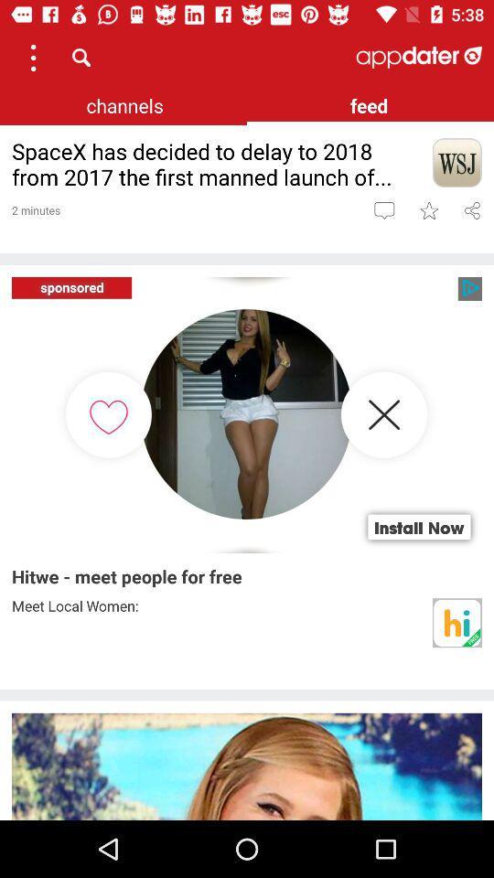  Describe the element at coordinates (33, 57) in the screenshot. I see `the more icon` at that location.